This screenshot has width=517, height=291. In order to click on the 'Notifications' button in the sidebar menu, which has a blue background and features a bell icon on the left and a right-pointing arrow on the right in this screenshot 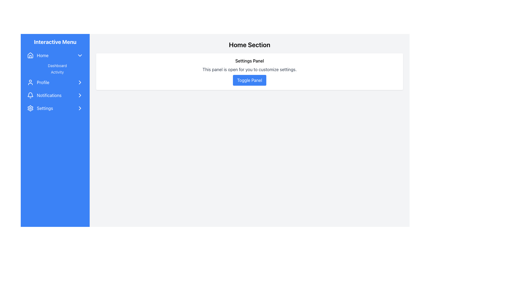, I will do `click(55, 95)`.